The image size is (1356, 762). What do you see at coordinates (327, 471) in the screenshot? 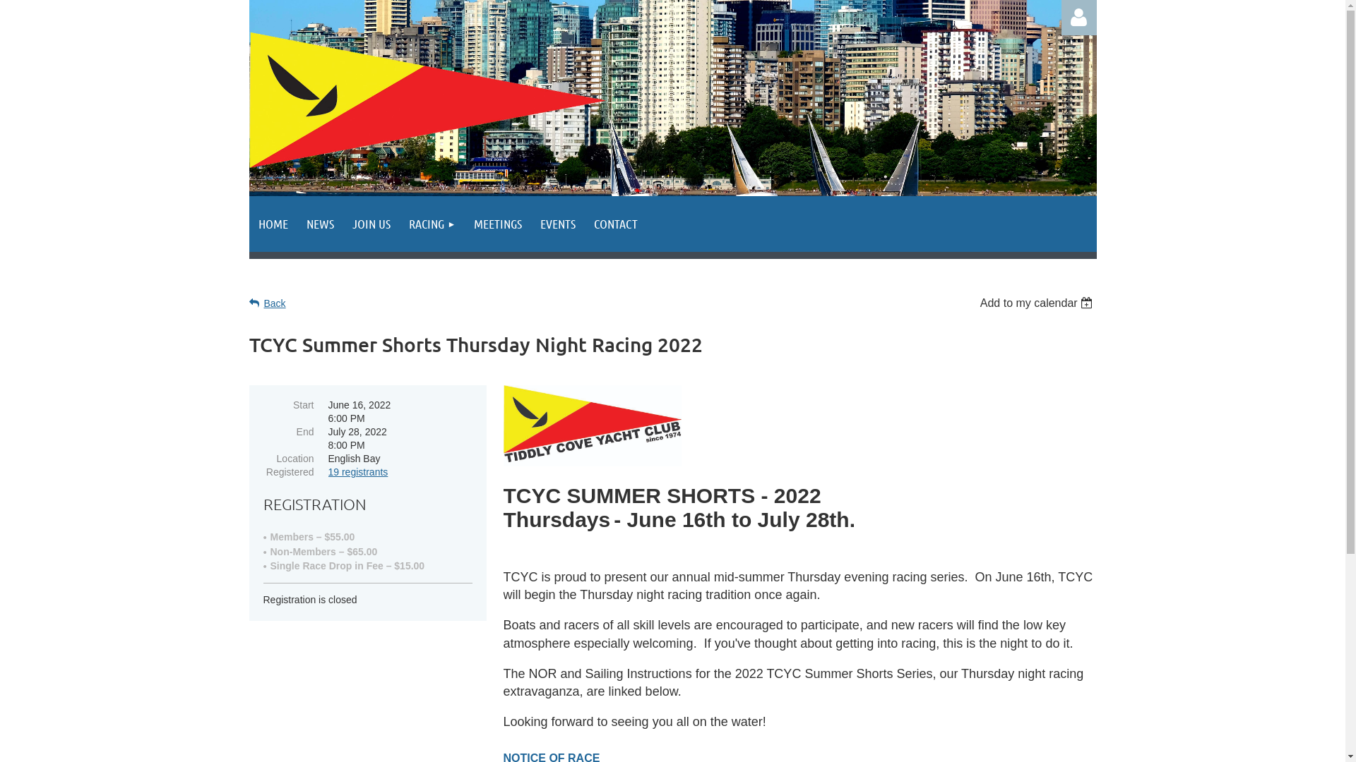
I see `'19 registrants'` at bounding box center [327, 471].